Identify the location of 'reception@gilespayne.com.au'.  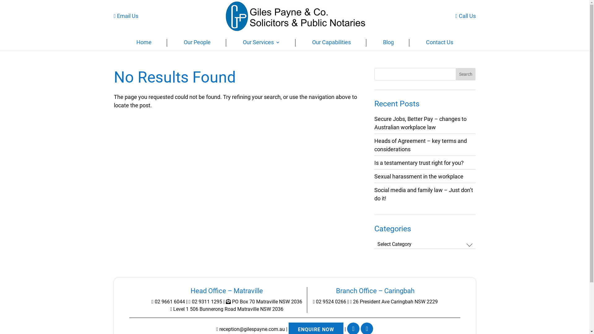
(251, 329).